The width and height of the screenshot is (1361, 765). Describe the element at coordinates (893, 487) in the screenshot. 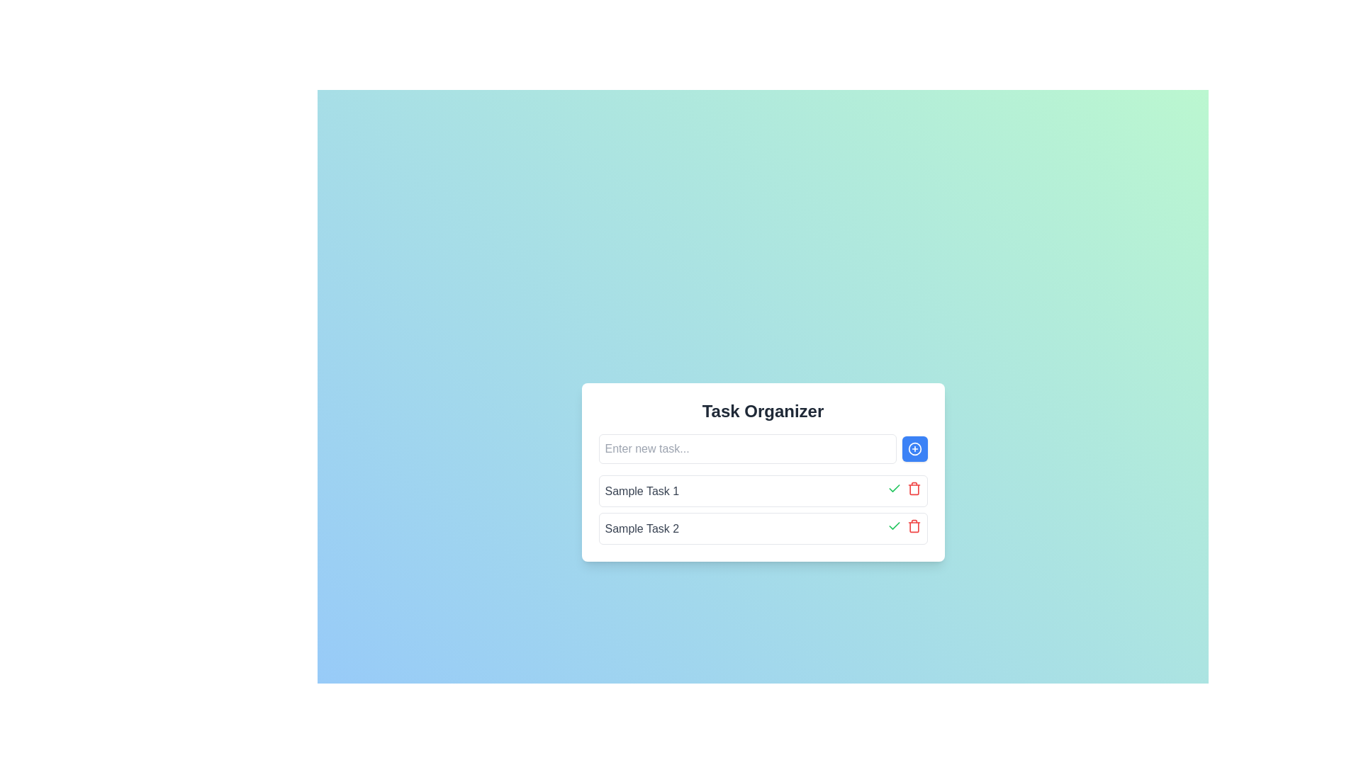

I see `the green checkmark icon located to the right of 'Sample Task 2' in the second row of the task management interface` at that location.